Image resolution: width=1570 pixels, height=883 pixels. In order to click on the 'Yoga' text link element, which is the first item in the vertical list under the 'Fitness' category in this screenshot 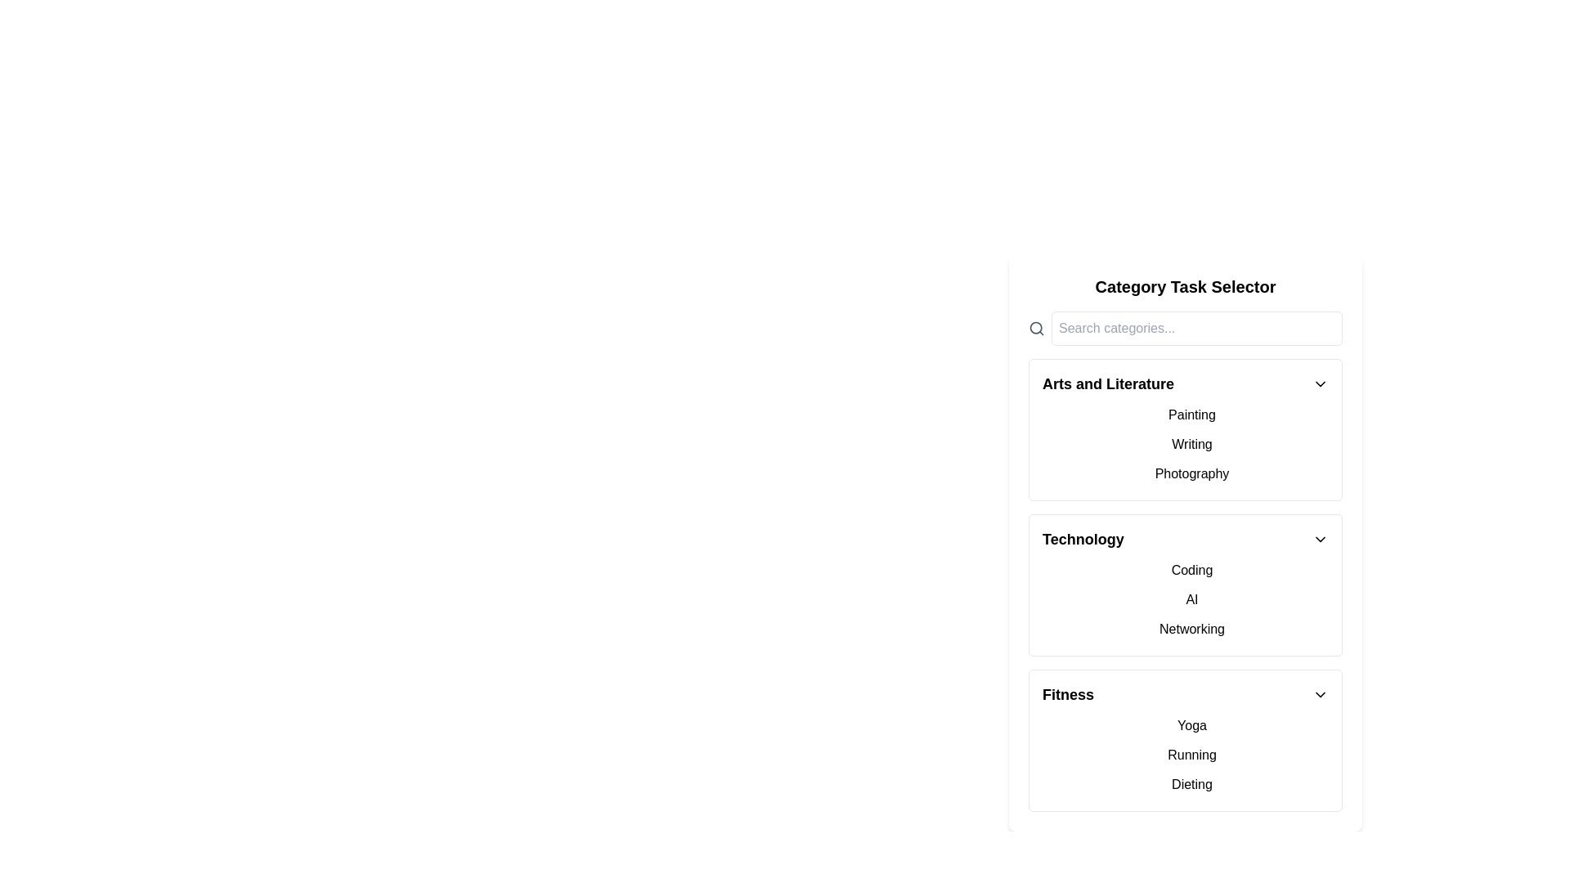, I will do `click(1192, 724)`.